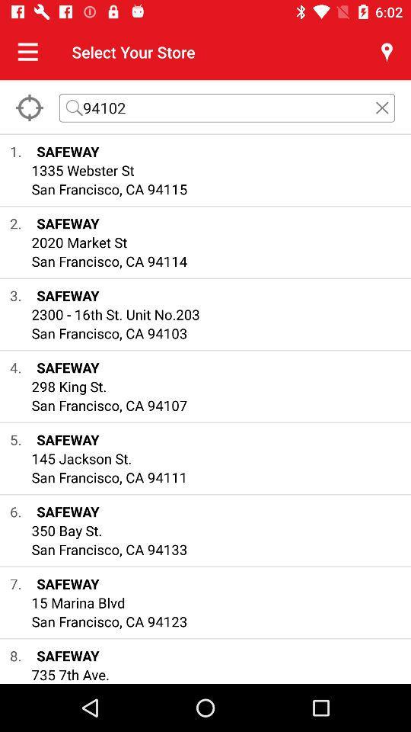  I want to click on the location_crosshair icon, so click(29, 107).